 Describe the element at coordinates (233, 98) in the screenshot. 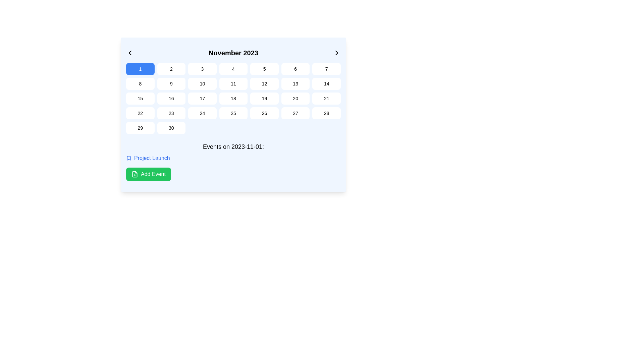

I see `the button labeled '18' with rounded corners and a white background, located in the fourth position of the third row in a calendar grid interface` at that location.